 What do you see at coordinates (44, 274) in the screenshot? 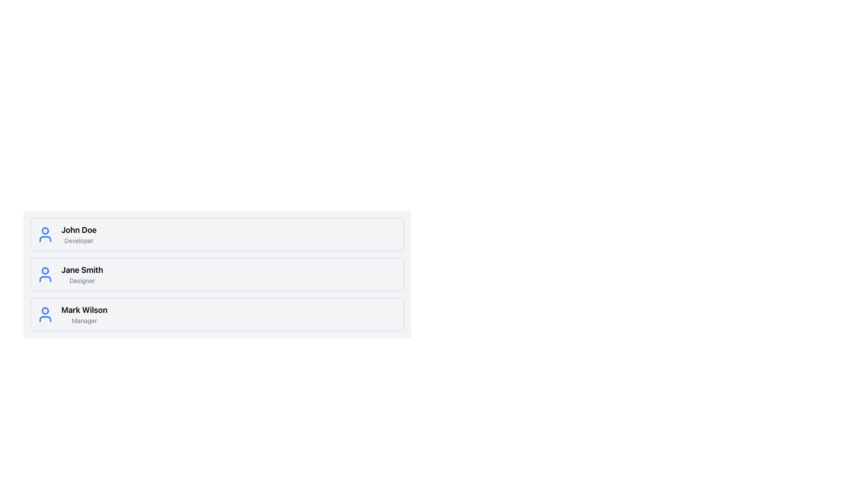
I see `the user profile icon representing 'Jane Smith' in the profile card, which is styled as an outline of a person with a circular head and shoulders, located to the far left of the card` at bounding box center [44, 274].